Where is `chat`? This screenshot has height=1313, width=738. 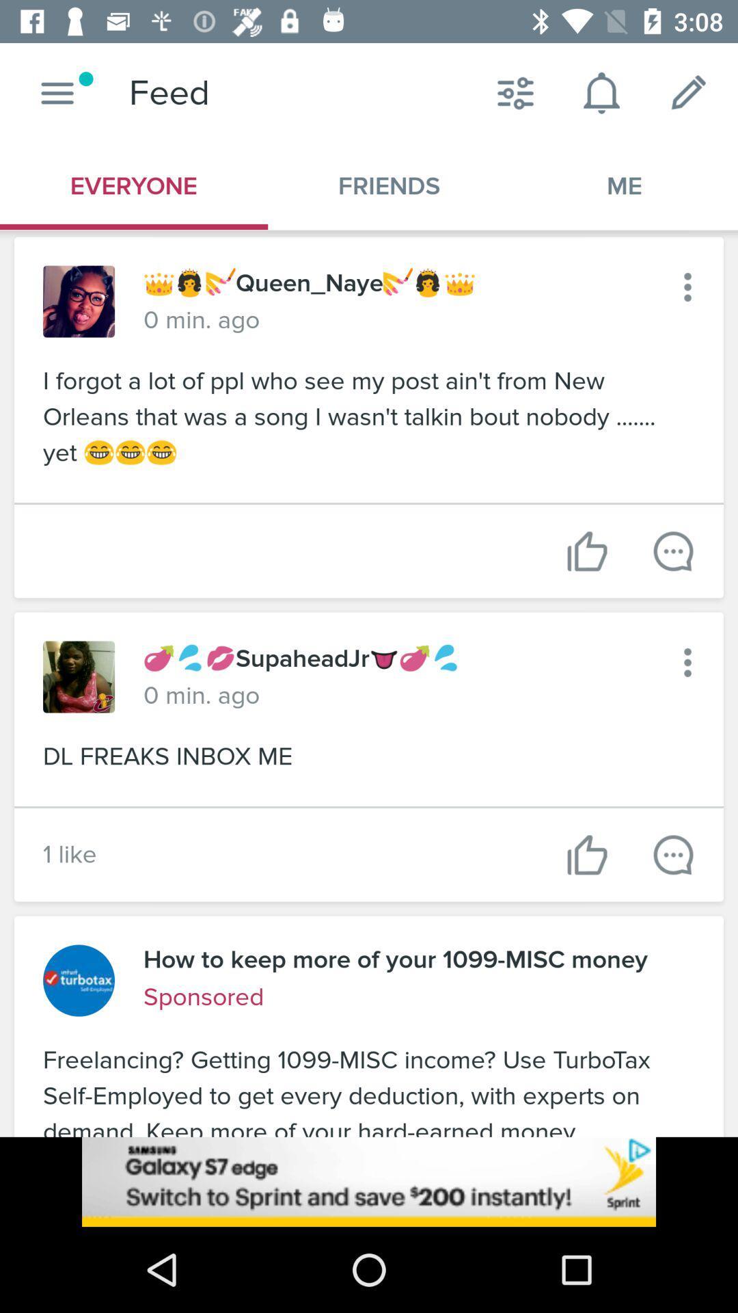 chat is located at coordinates (672, 551).